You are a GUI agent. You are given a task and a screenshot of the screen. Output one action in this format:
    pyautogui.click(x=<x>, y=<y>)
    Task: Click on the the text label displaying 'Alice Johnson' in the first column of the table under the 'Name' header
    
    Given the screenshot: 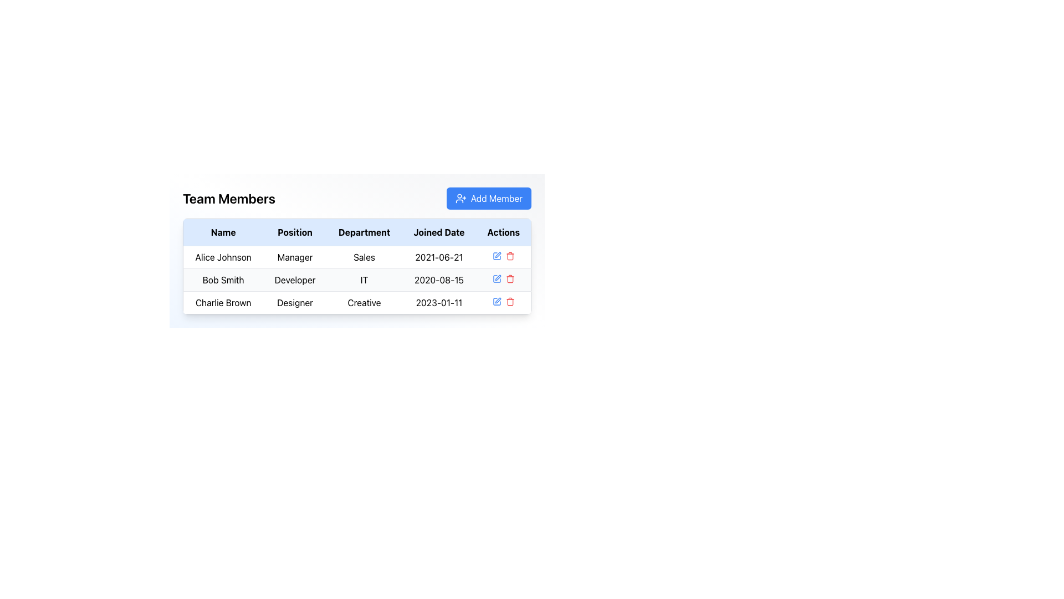 What is the action you would take?
    pyautogui.click(x=222, y=257)
    